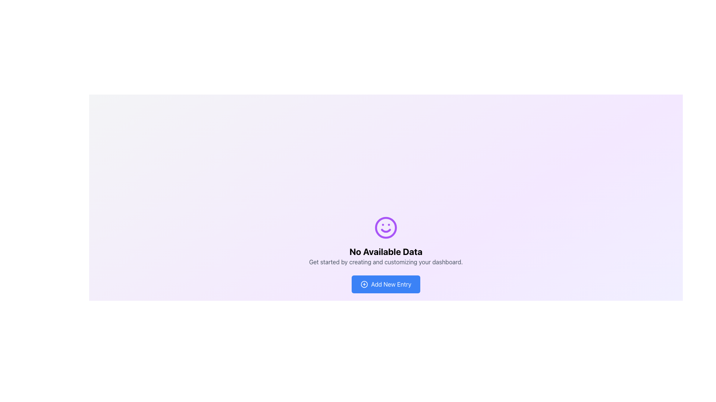 The width and height of the screenshot is (716, 402). Describe the element at coordinates (386, 284) in the screenshot. I see `the button that initiates adding a new entry, located directly below the 'Get started by creating and customizing your dashboard.' text` at that location.